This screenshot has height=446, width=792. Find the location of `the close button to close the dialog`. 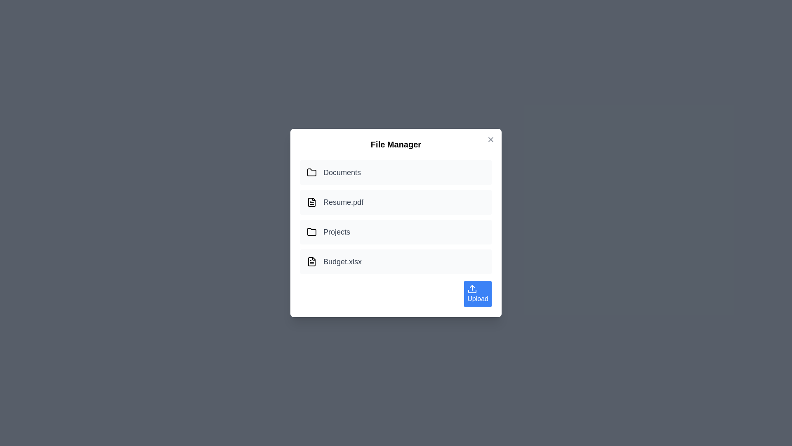

the close button to close the dialog is located at coordinates (491, 139).